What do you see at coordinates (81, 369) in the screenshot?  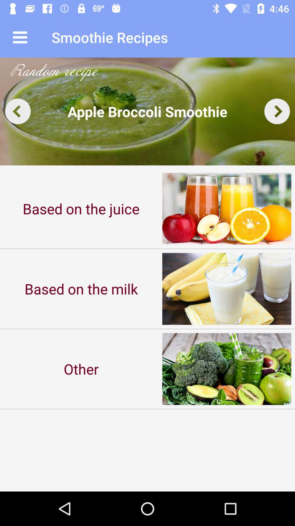 I see `the icon below based on the item` at bounding box center [81, 369].